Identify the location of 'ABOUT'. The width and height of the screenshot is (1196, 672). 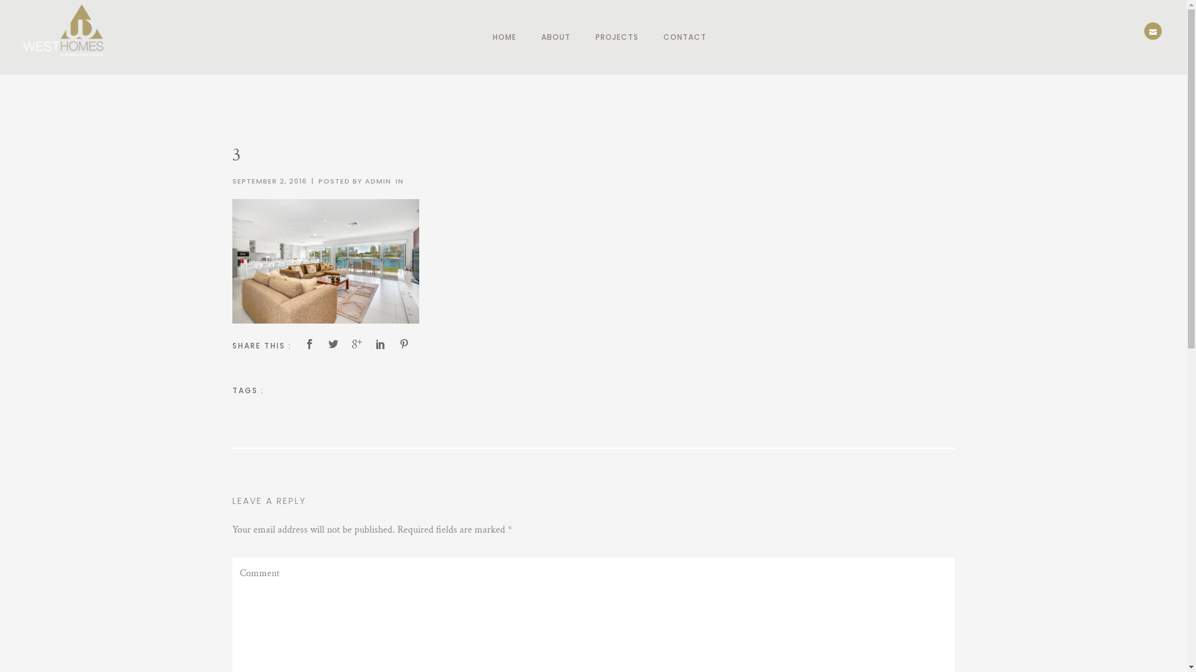
(555, 37).